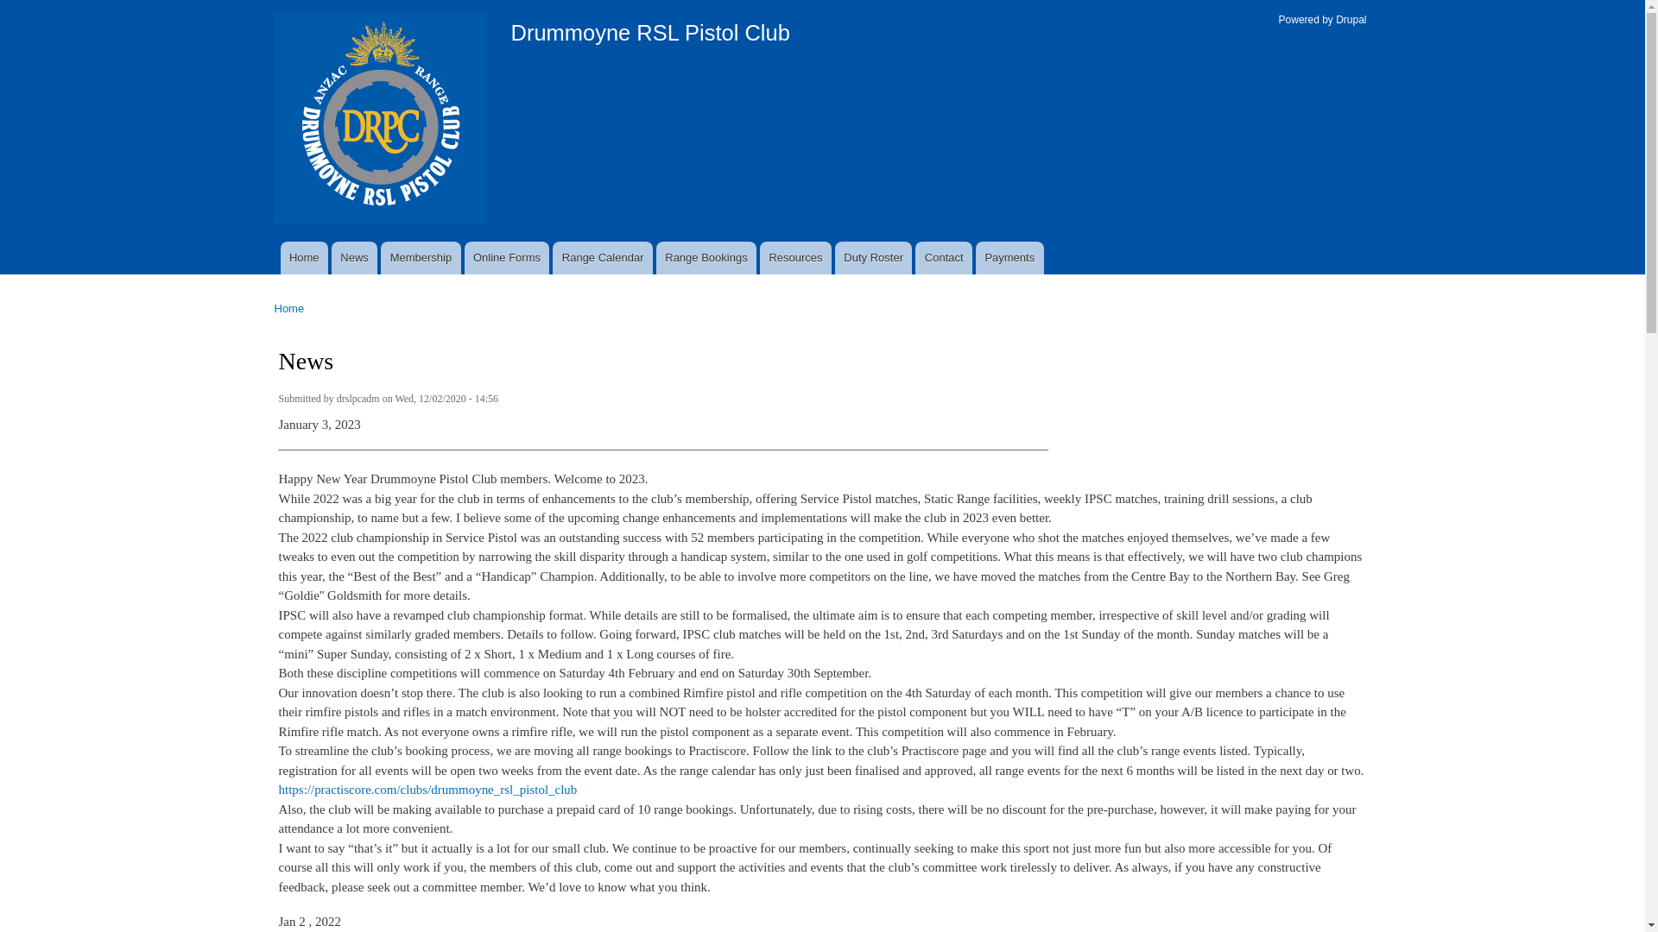 The image size is (1658, 932). What do you see at coordinates (303, 258) in the screenshot?
I see `'Home'` at bounding box center [303, 258].